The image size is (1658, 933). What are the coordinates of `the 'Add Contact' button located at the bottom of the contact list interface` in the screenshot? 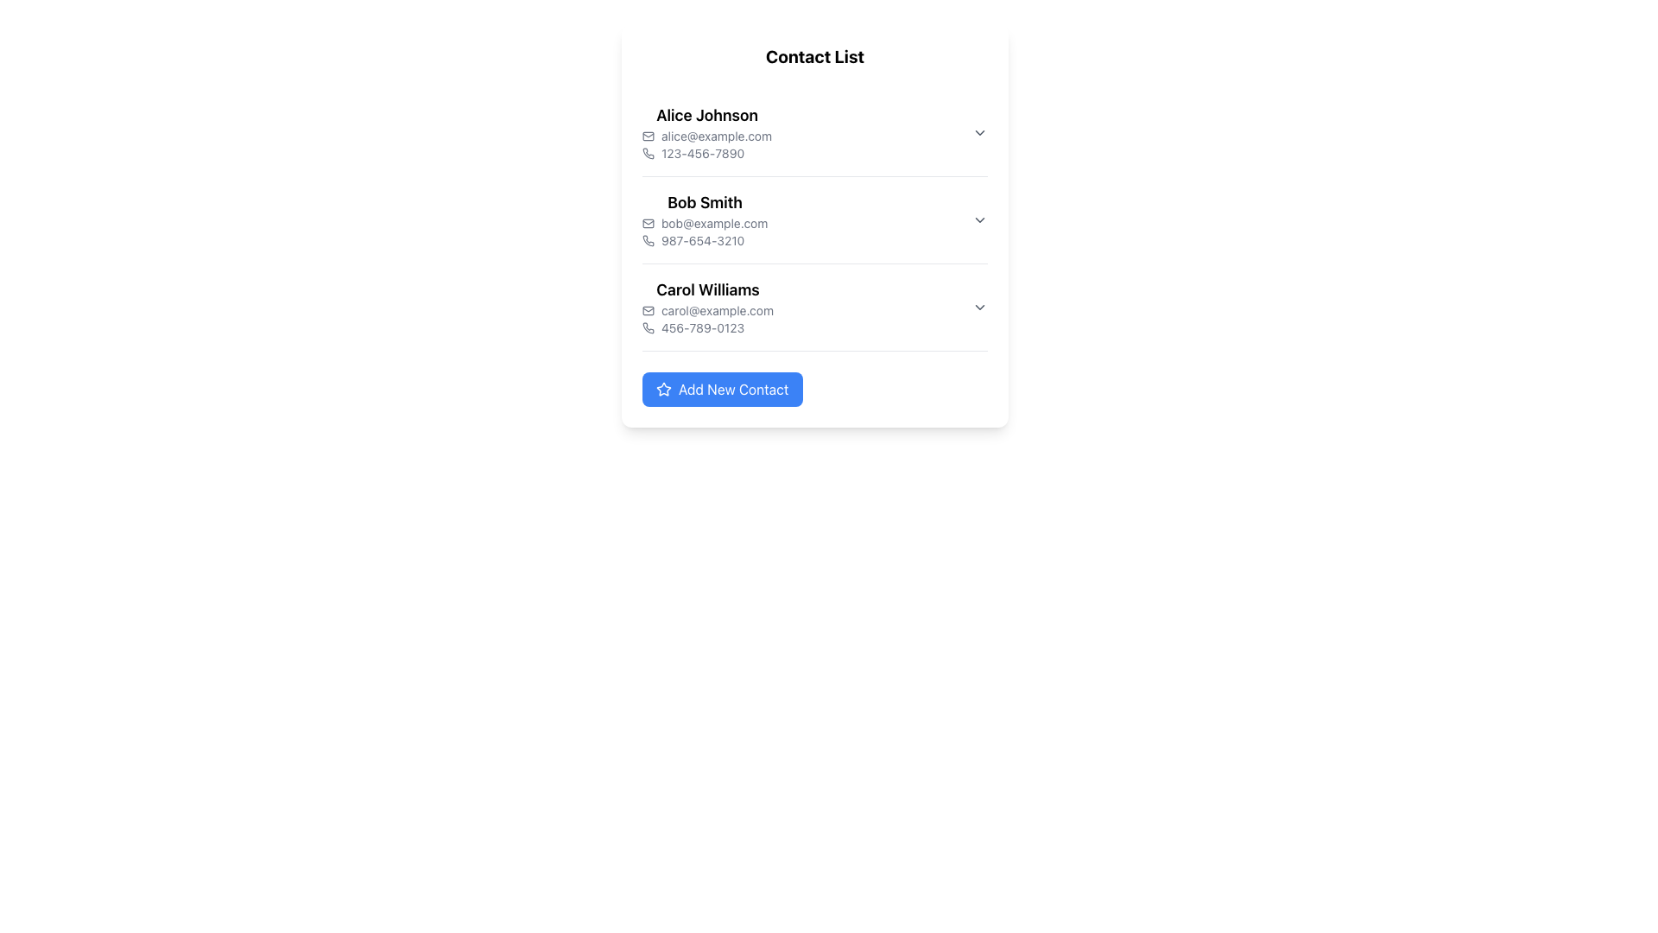 It's located at (722, 390).